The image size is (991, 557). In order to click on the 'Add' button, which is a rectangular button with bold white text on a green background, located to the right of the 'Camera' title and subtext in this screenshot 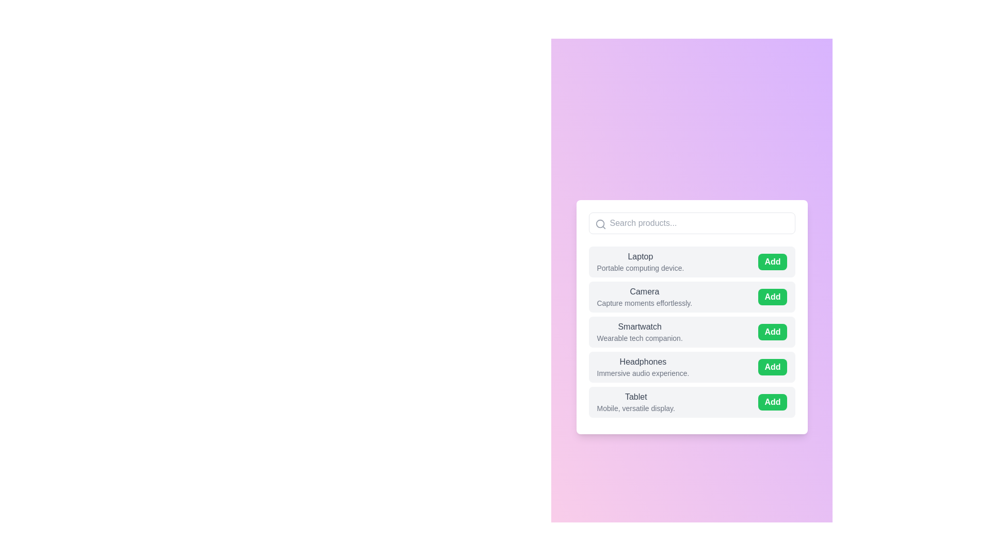, I will do `click(773, 297)`.